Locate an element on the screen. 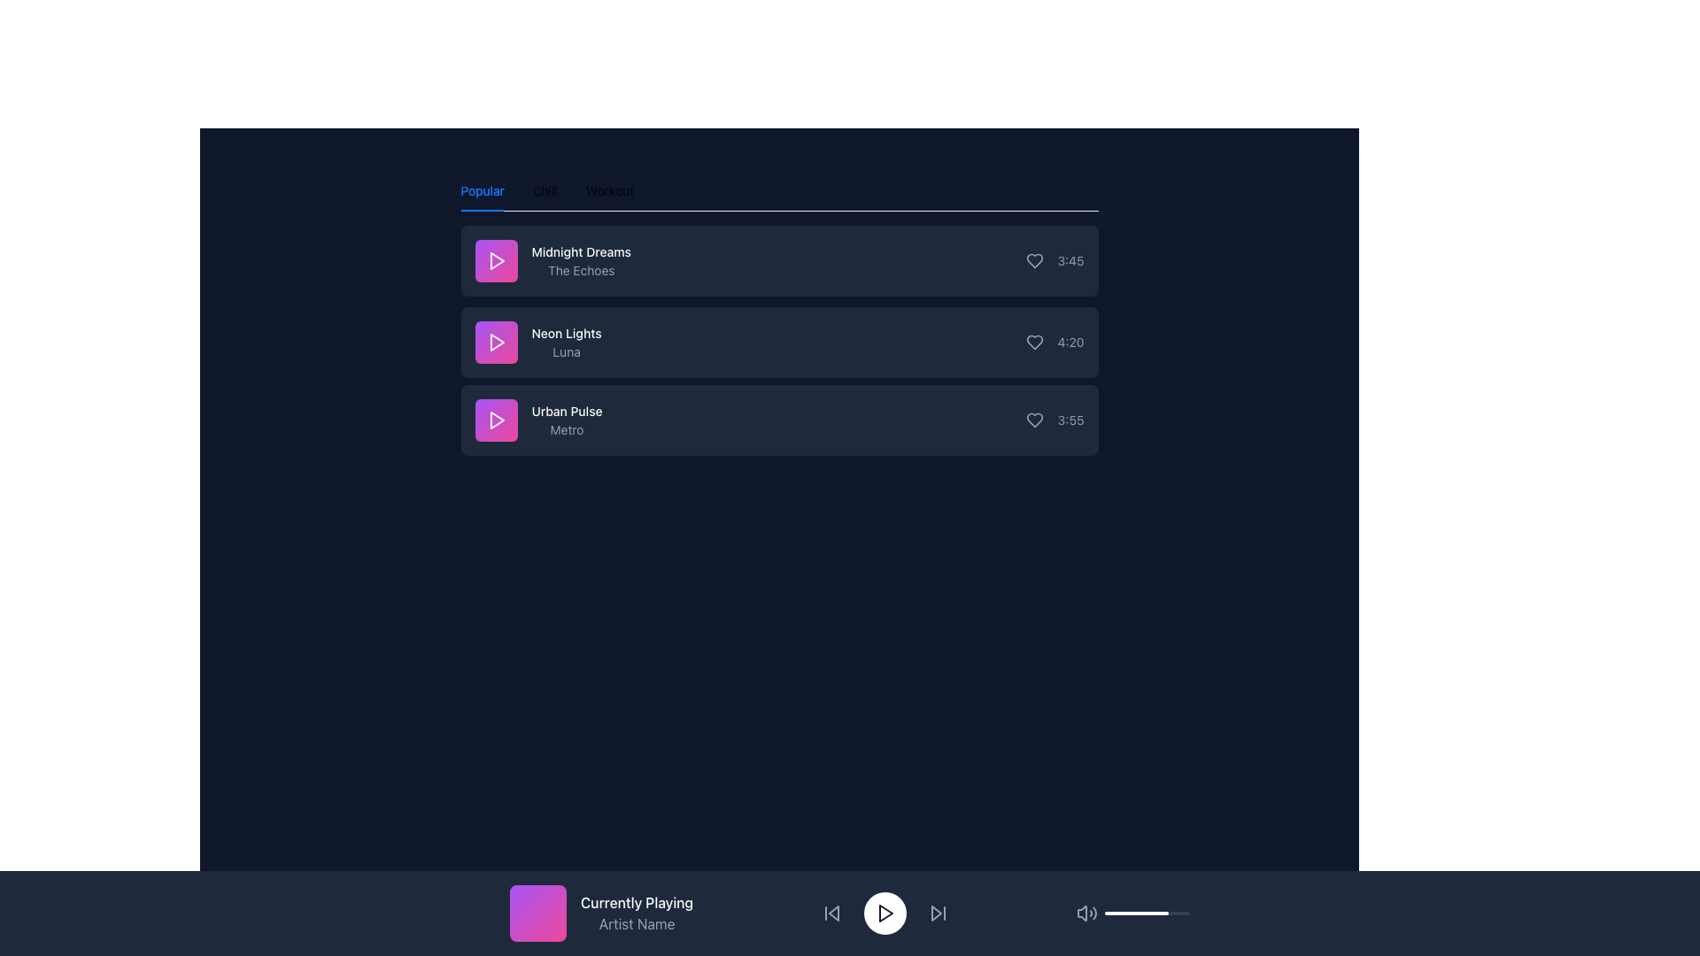 The image size is (1700, 956). the 'Chill' tab in the navigation bar is located at coordinates (546, 191).